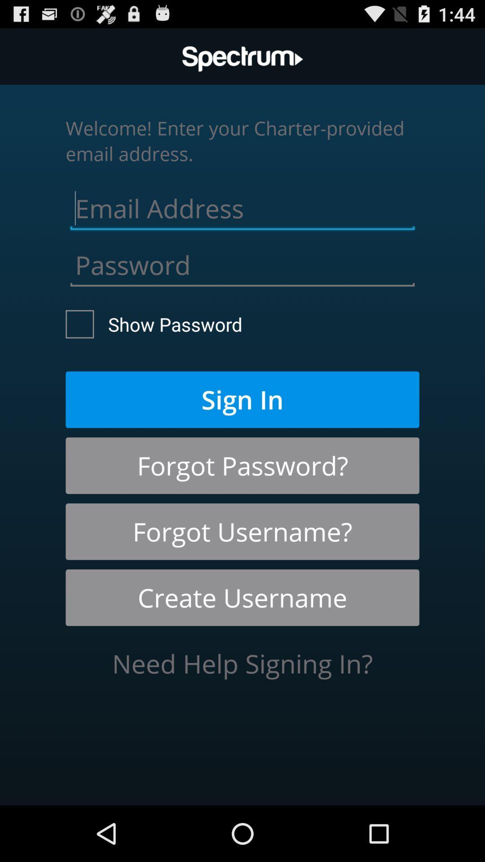 This screenshot has height=862, width=485. I want to click on welcome enter your, so click(242, 140).